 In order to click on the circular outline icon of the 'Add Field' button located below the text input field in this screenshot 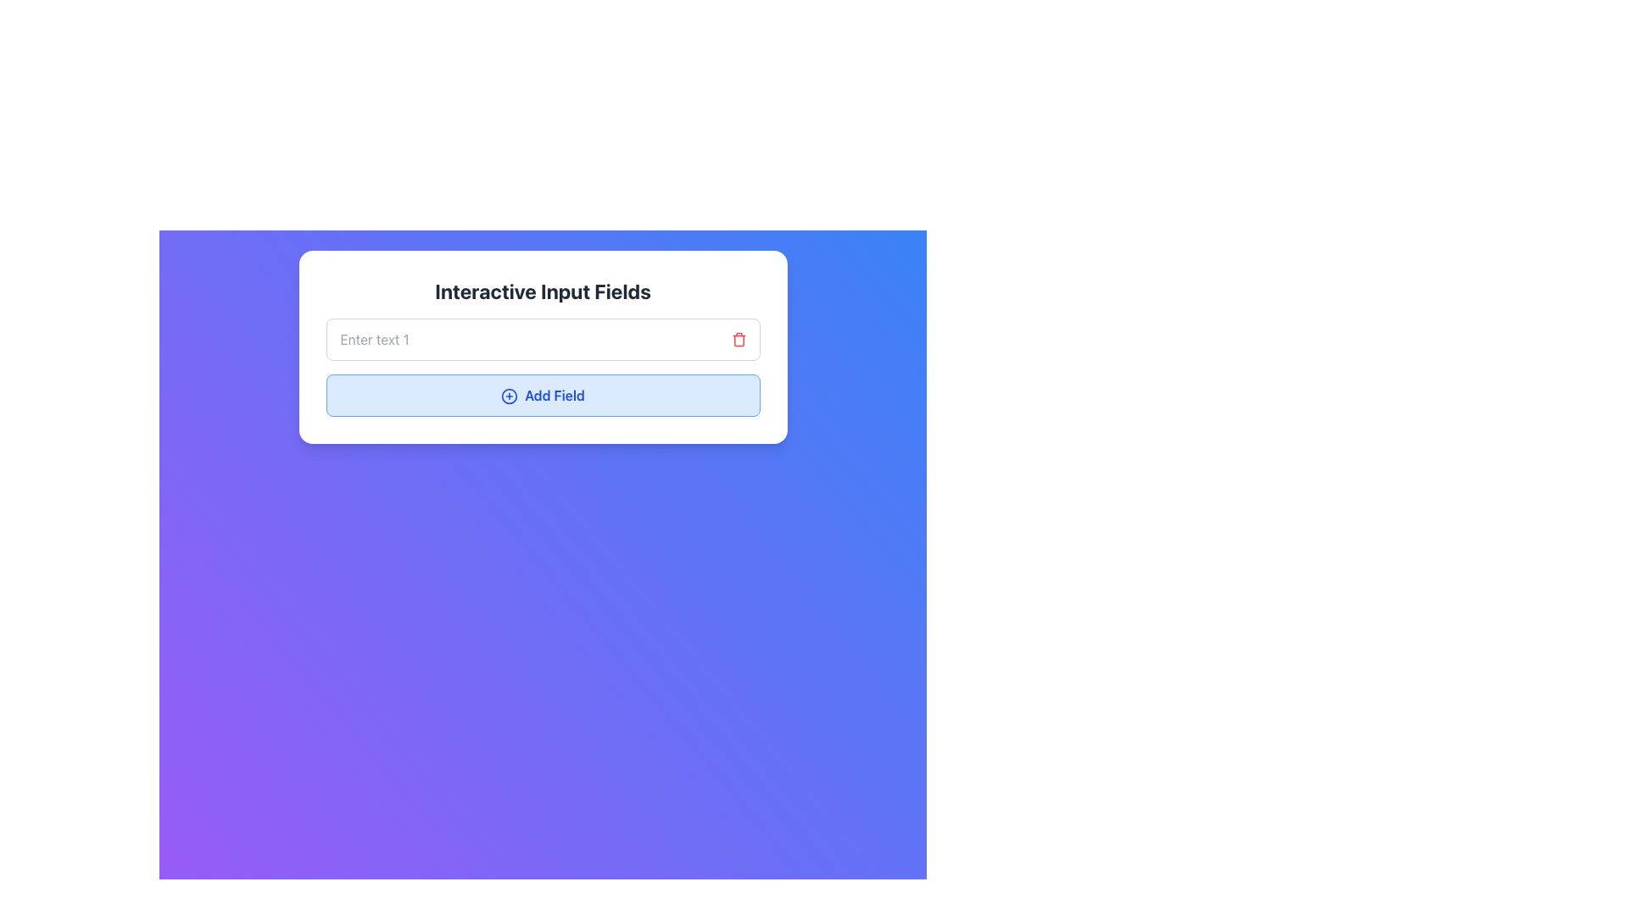, I will do `click(509, 396)`.